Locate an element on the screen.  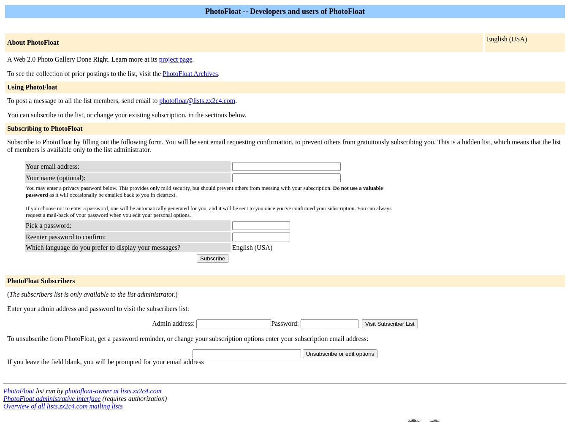
'PhotoFloat' is located at coordinates (18, 391).